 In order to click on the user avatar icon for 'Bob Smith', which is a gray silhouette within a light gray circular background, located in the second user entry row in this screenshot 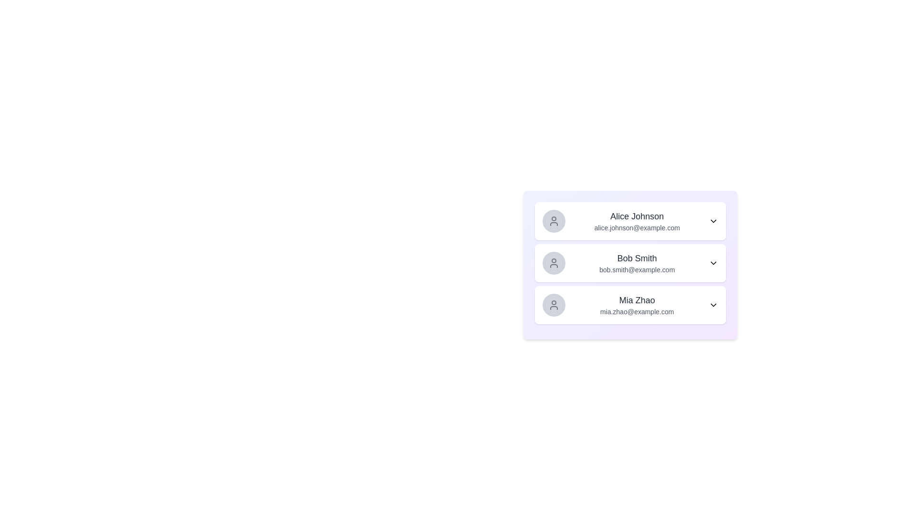, I will do `click(554, 263)`.